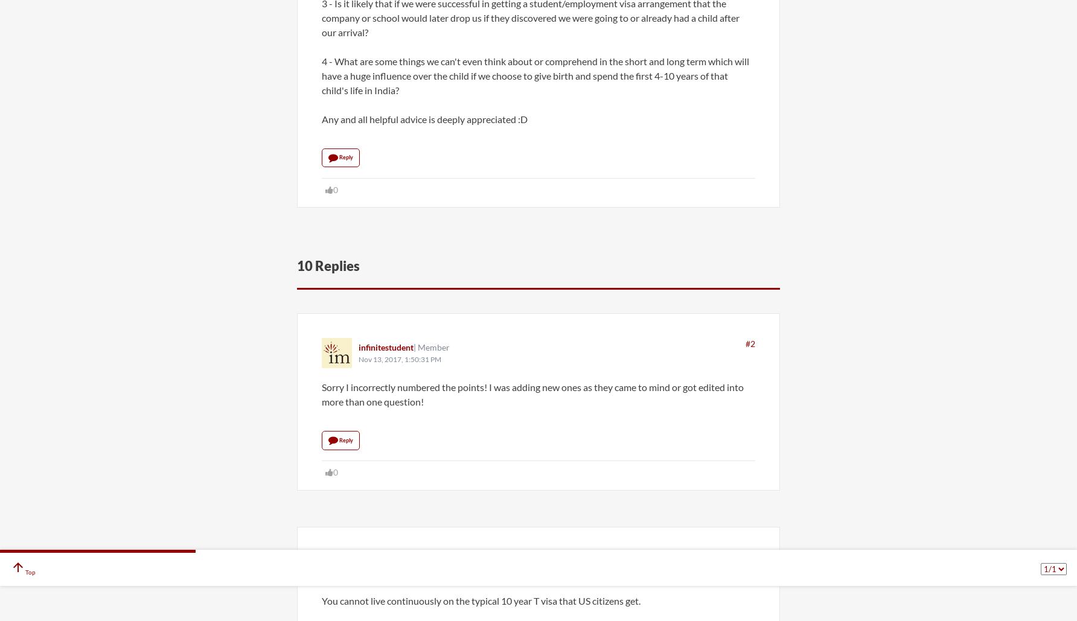 The height and width of the screenshot is (621, 1077). What do you see at coordinates (532, 394) in the screenshot?
I see `'Sorry I incorrectly numbered the points! I was adding new ones as they came to mind or got edited into more than one question!'` at bounding box center [532, 394].